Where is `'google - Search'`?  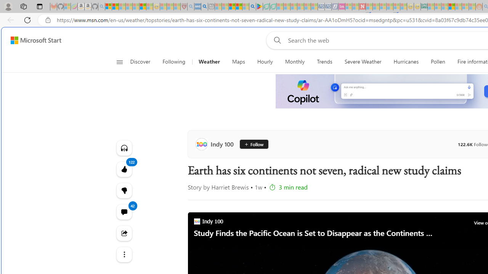
'google - Search' is located at coordinates (252, 6).